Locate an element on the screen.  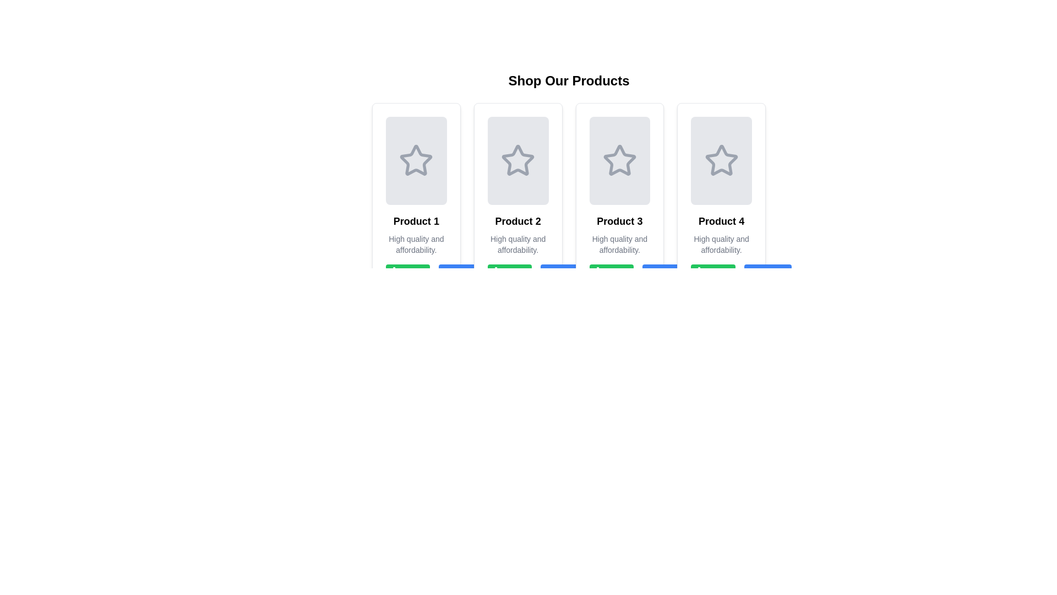
the interactive star icon located in the fourth product card titled 'Product 4' is located at coordinates (721, 160).